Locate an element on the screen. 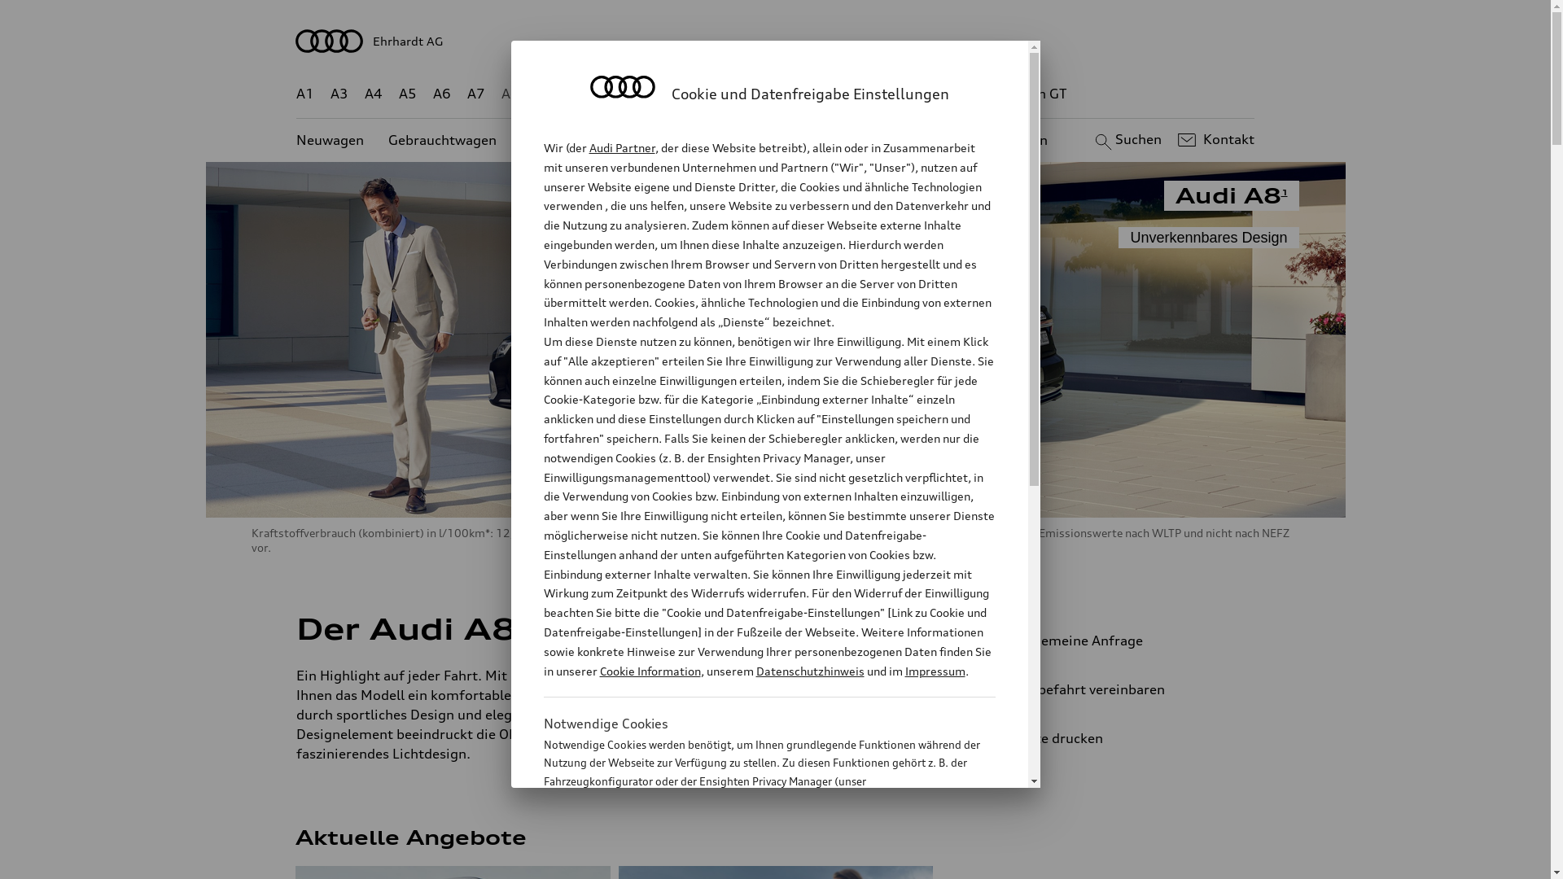  'Angebote' is located at coordinates (652, 139).